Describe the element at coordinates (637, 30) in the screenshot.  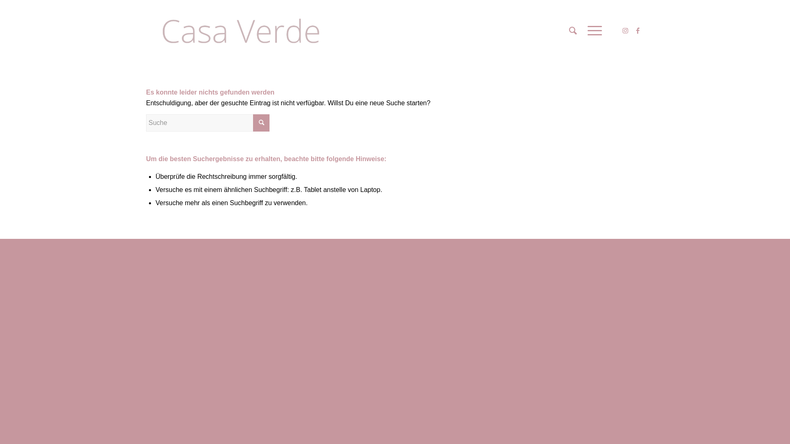
I see `'Facebook'` at that location.